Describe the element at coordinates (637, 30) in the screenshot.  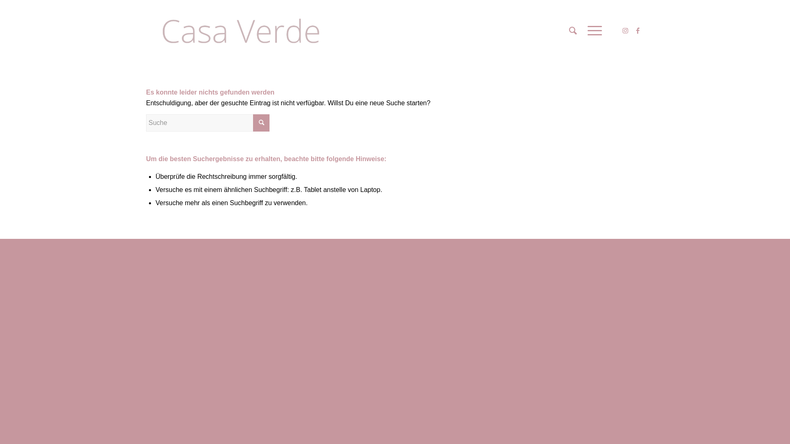
I see `'Facebook'` at that location.